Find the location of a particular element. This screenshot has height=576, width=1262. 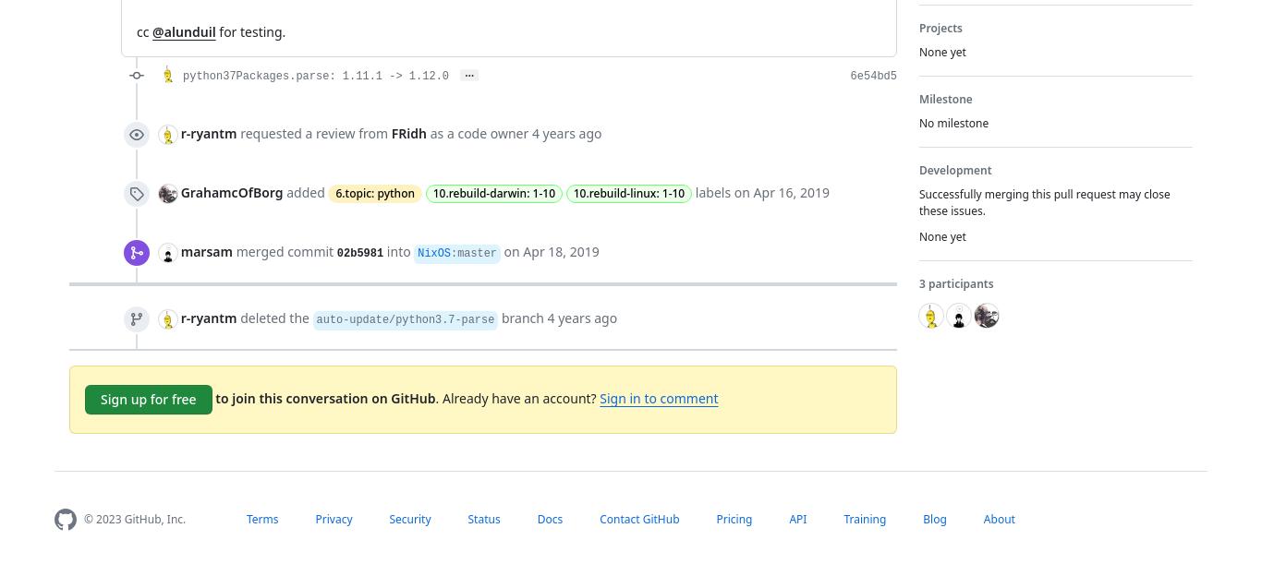

'code owner' is located at coordinates (492, 132).